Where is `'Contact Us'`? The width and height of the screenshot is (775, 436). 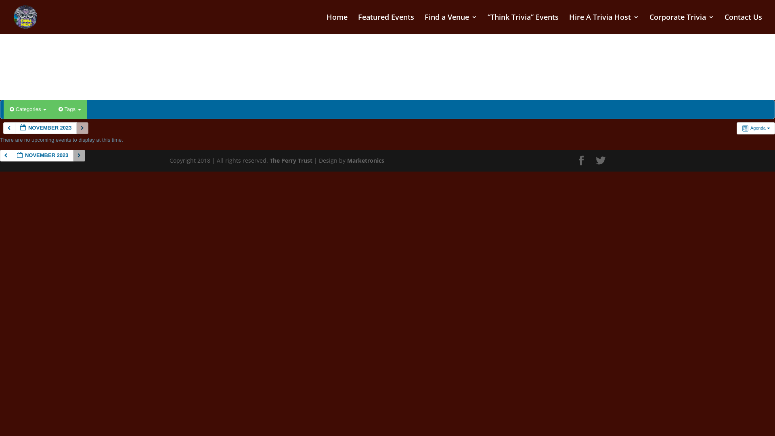 'Contact Us' is located at coordinates (743, 23).